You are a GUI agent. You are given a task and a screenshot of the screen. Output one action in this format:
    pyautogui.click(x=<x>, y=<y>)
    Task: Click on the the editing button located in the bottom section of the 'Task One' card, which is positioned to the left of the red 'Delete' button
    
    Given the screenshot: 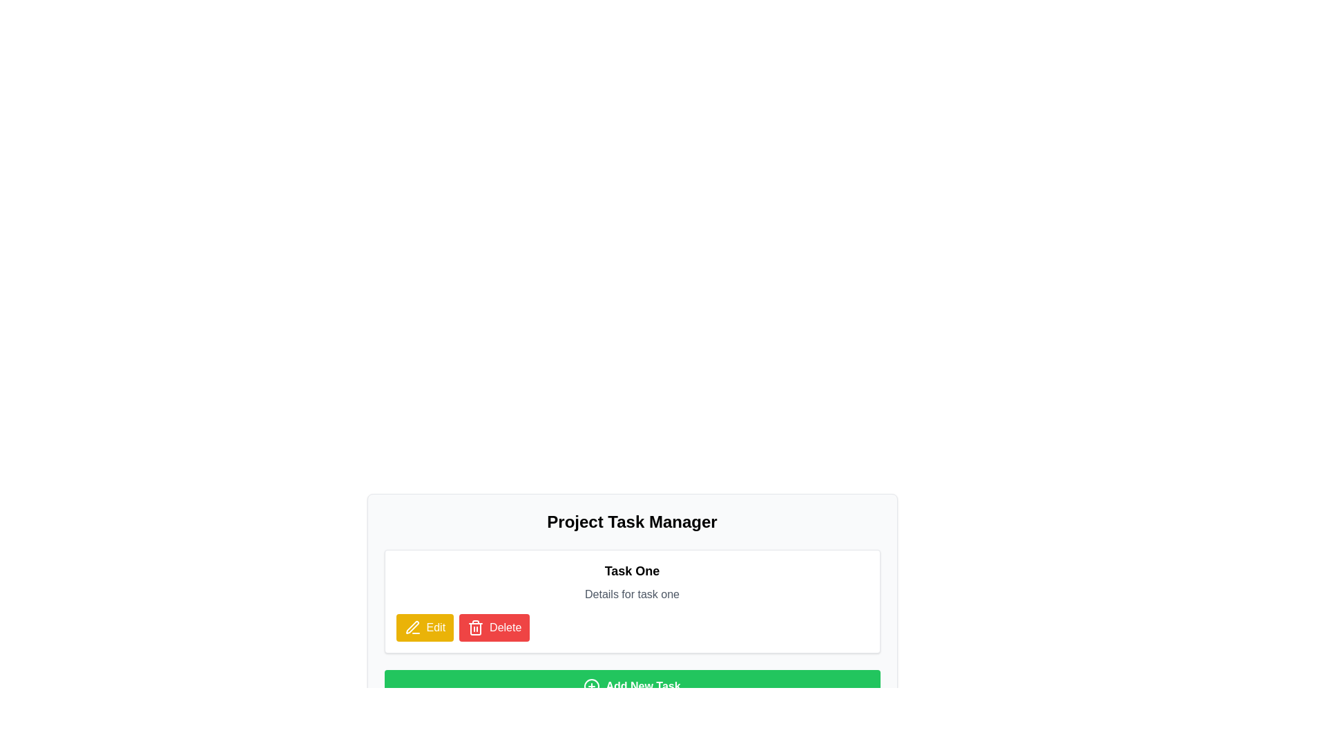 What is the action you would take?
    pyautogui.click(x=424, y=628)
    